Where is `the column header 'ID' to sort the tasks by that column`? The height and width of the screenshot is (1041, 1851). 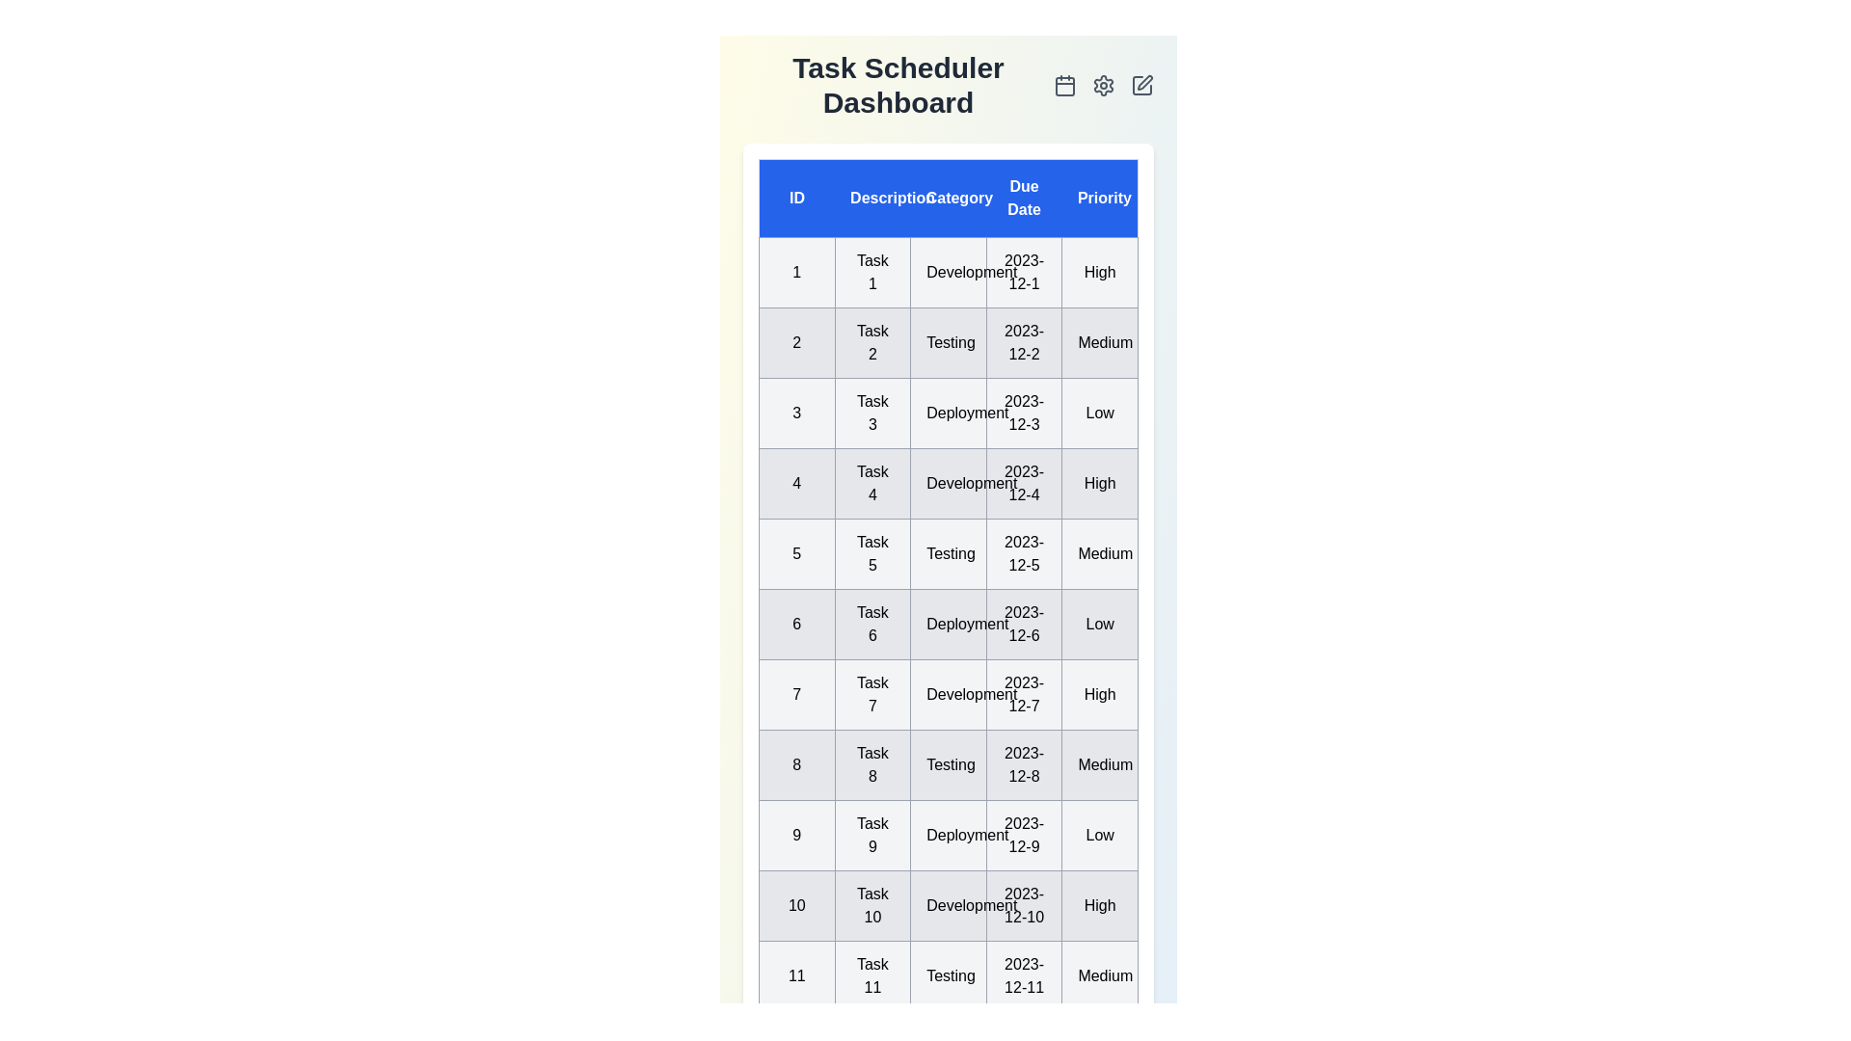
the column header 'ID' to sort the tasks by that column is located at coordinates (796, 198).